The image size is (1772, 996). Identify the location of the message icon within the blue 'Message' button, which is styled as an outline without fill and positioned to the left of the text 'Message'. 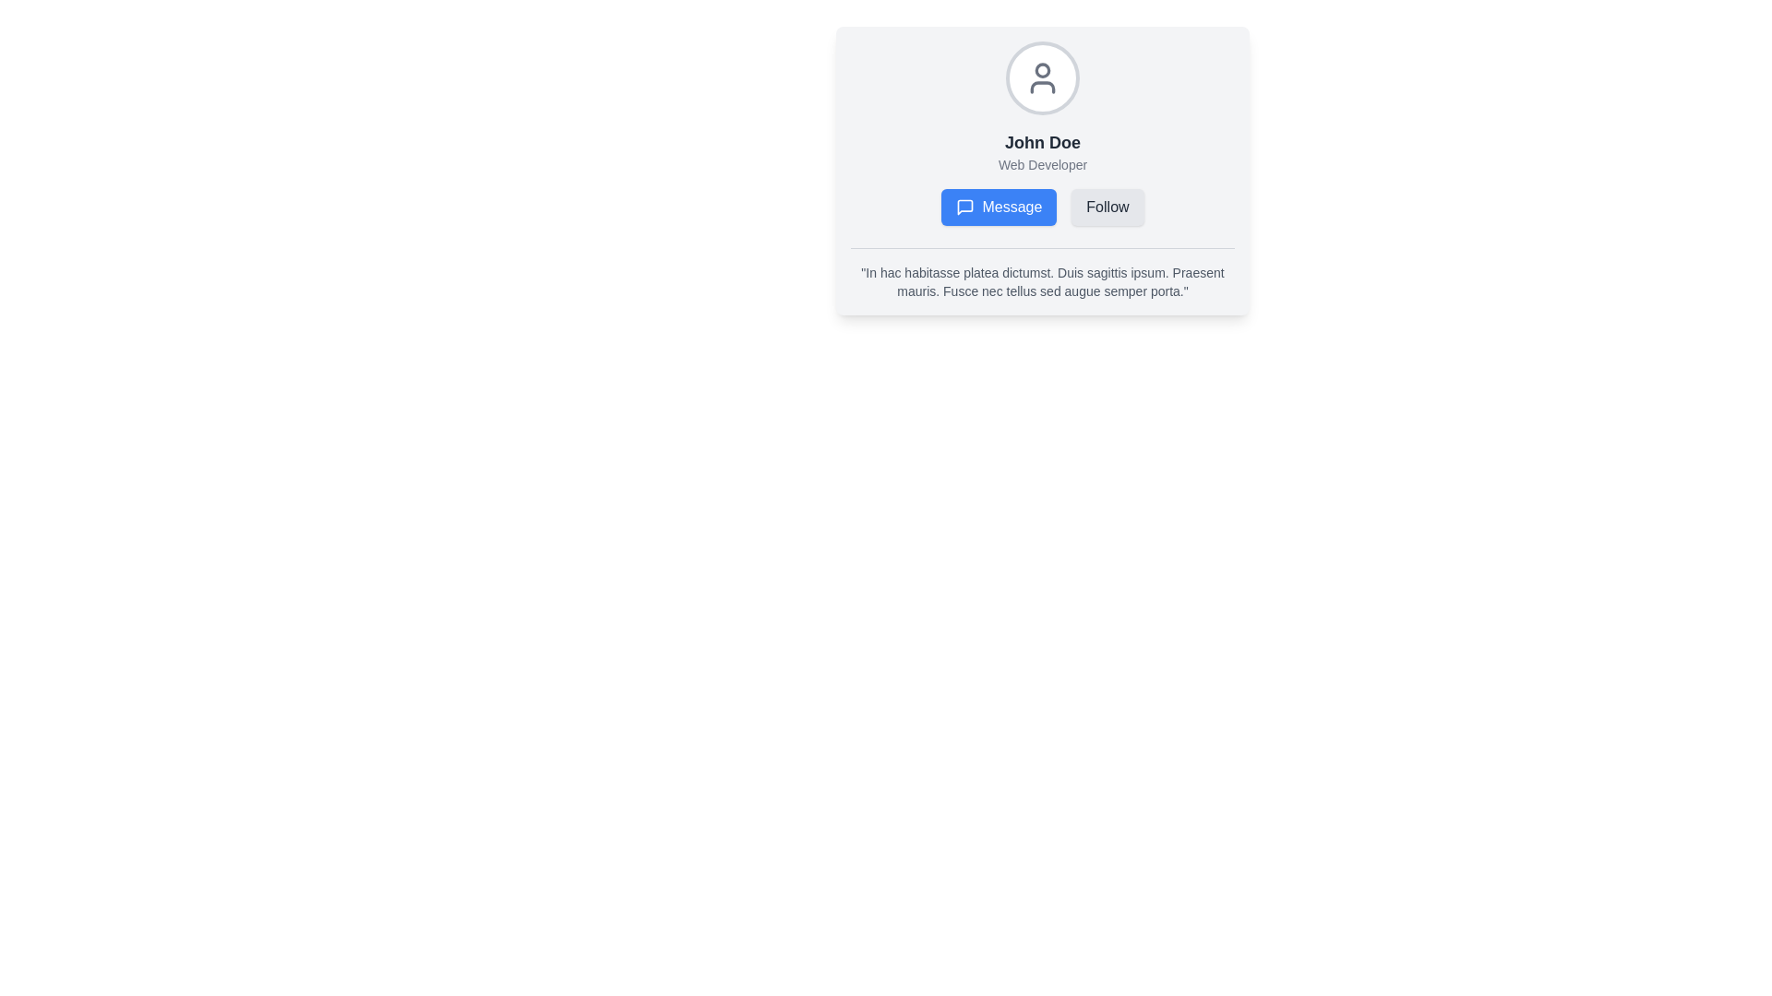
(964, 207).